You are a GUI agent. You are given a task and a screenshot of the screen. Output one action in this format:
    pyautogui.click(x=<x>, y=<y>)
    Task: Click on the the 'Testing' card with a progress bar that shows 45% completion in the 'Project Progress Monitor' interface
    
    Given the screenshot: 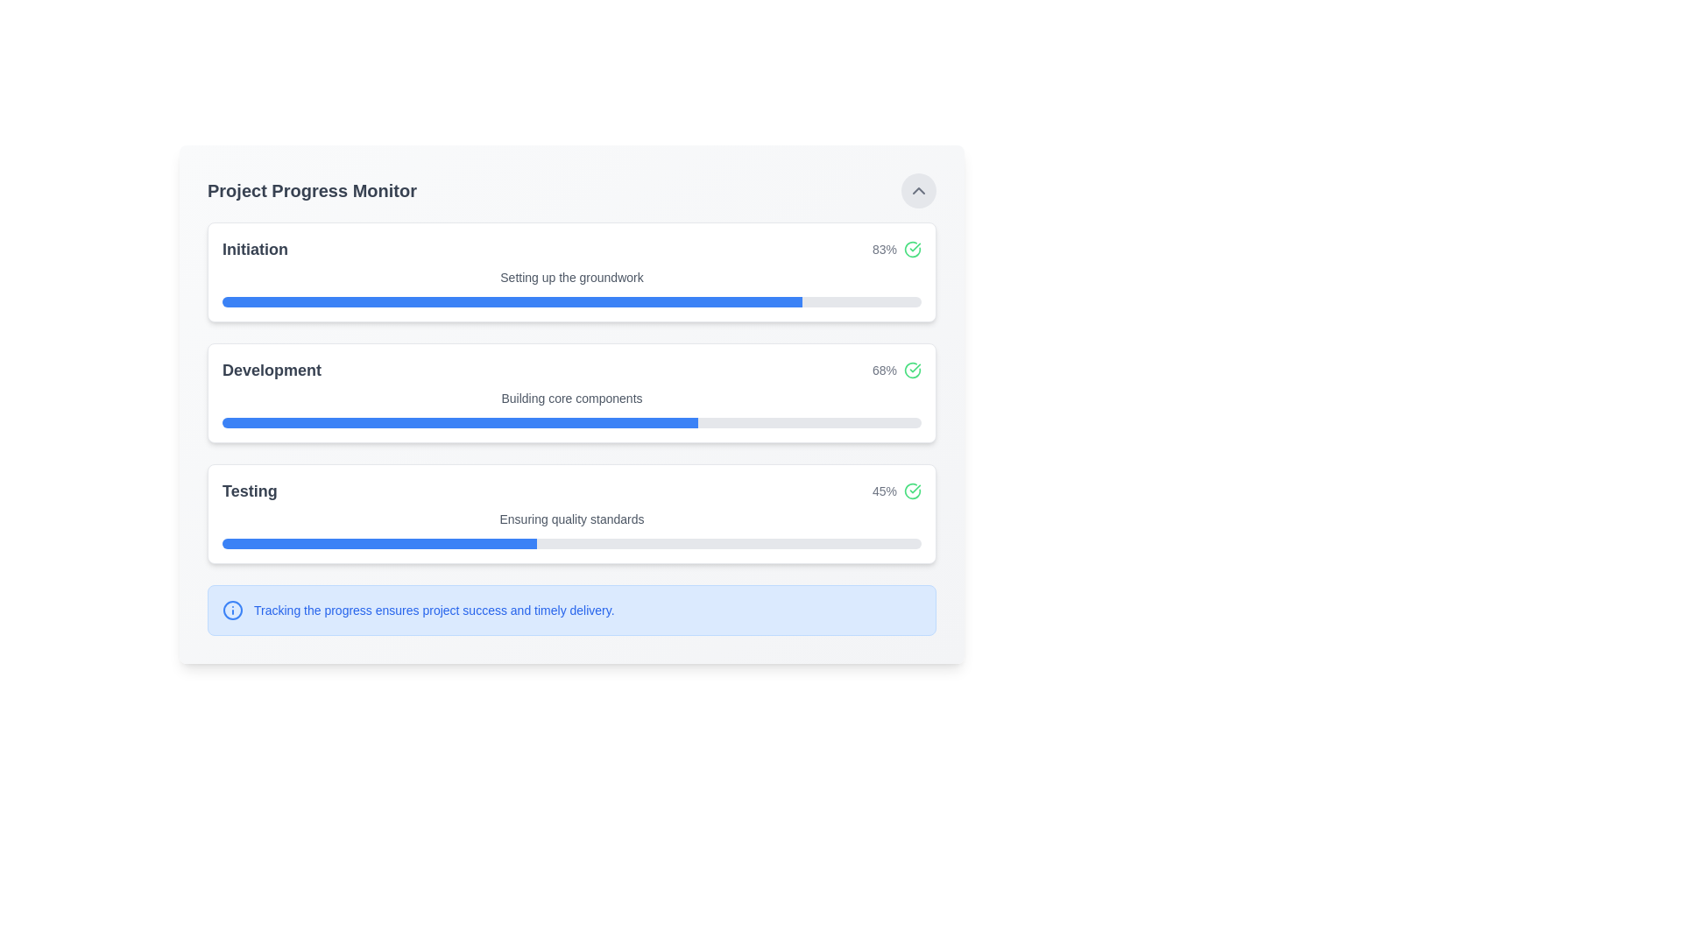 What is the action you would take?
    pyautogui.click(x=571, y=512)
    